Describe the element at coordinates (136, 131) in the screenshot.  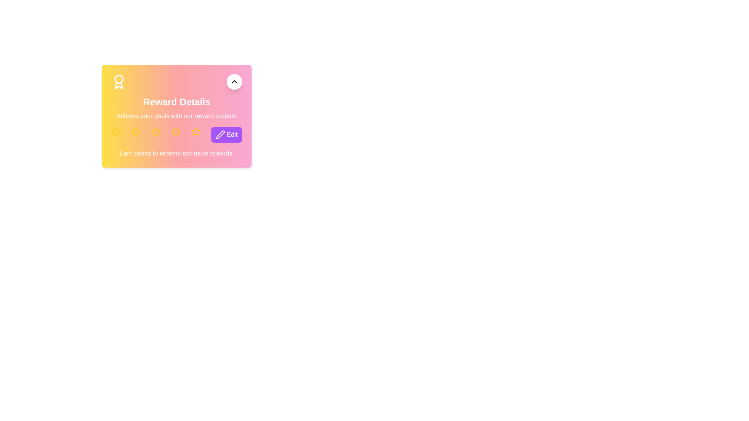
I see `the second star icon representing a rating feature located below the 'Reward Details' heading` at that location.